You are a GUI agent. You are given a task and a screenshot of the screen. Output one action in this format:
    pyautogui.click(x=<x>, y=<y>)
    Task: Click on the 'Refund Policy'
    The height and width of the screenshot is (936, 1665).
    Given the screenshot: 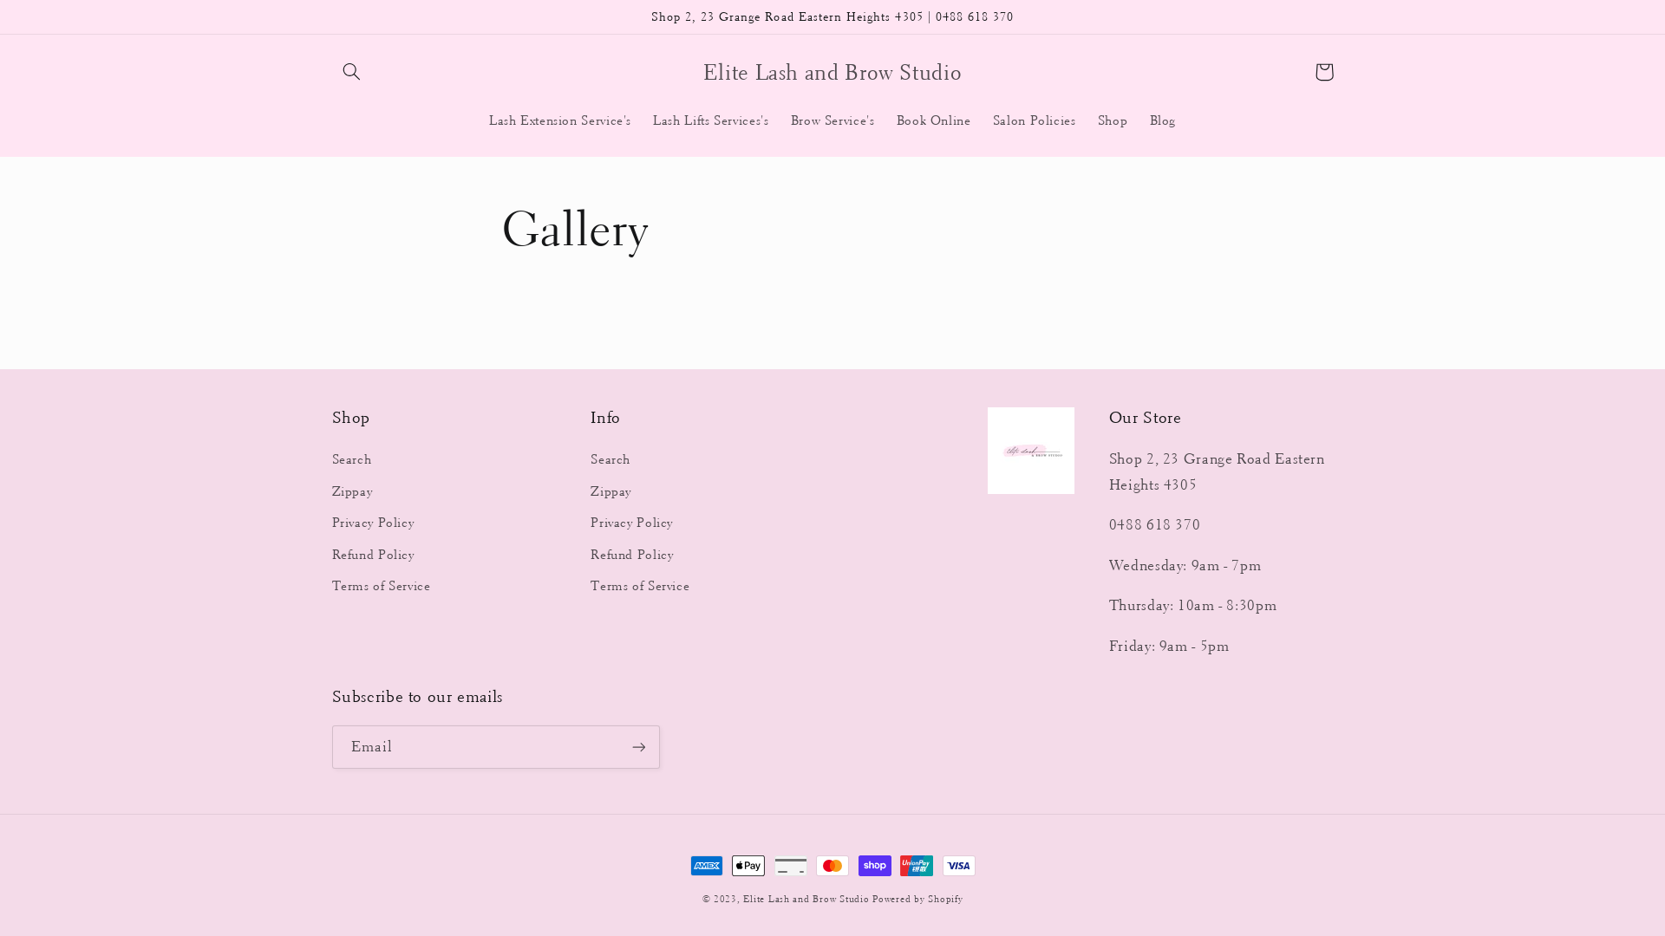 What is the action you would take?
    pyautogui.click(x=630, y=555)
    